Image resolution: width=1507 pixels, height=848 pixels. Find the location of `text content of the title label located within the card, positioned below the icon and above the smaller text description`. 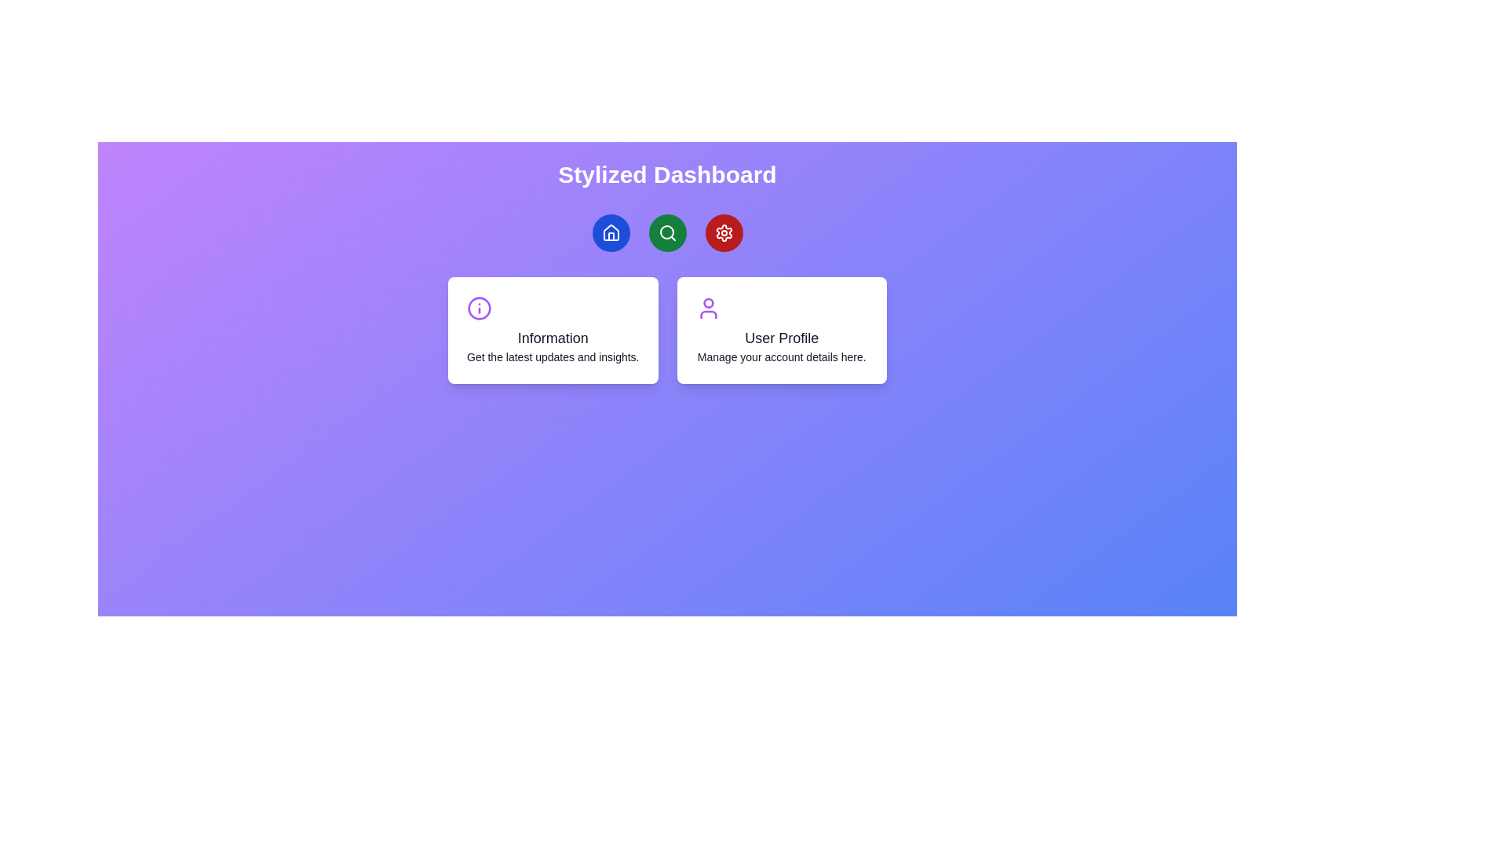

text content of the title label located within the card, positioned below the icon and above the smaller text description is located at coordinates (553, 338).